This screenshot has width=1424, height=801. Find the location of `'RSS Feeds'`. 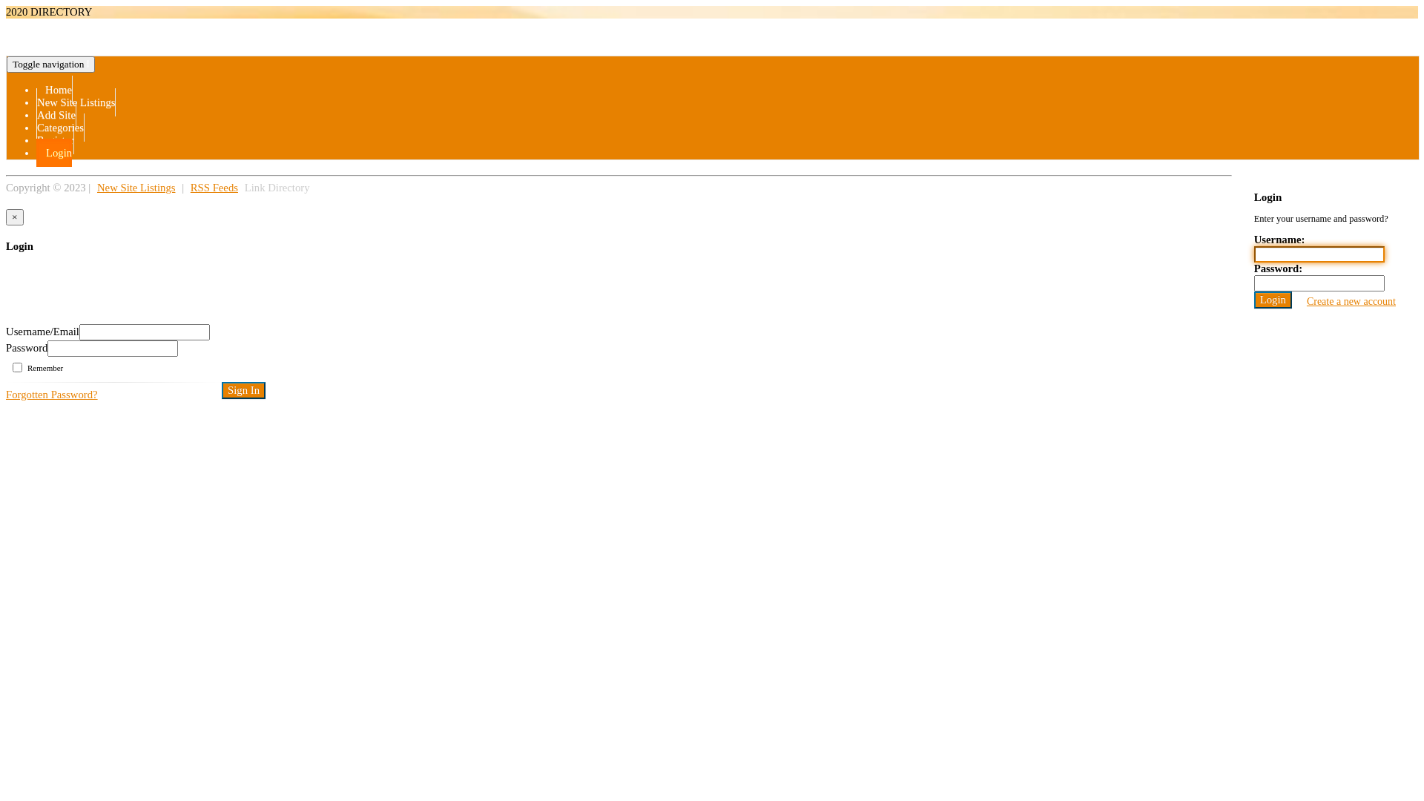

'RSS Feeds' is located at coordinates (186, 187).